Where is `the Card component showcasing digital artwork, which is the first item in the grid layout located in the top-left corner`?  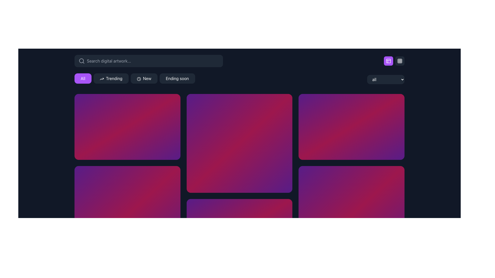 the Card component showcasing digital artwork, which is the first item in the grid layout located in the top-left corner is located at coordinates (127, 127).